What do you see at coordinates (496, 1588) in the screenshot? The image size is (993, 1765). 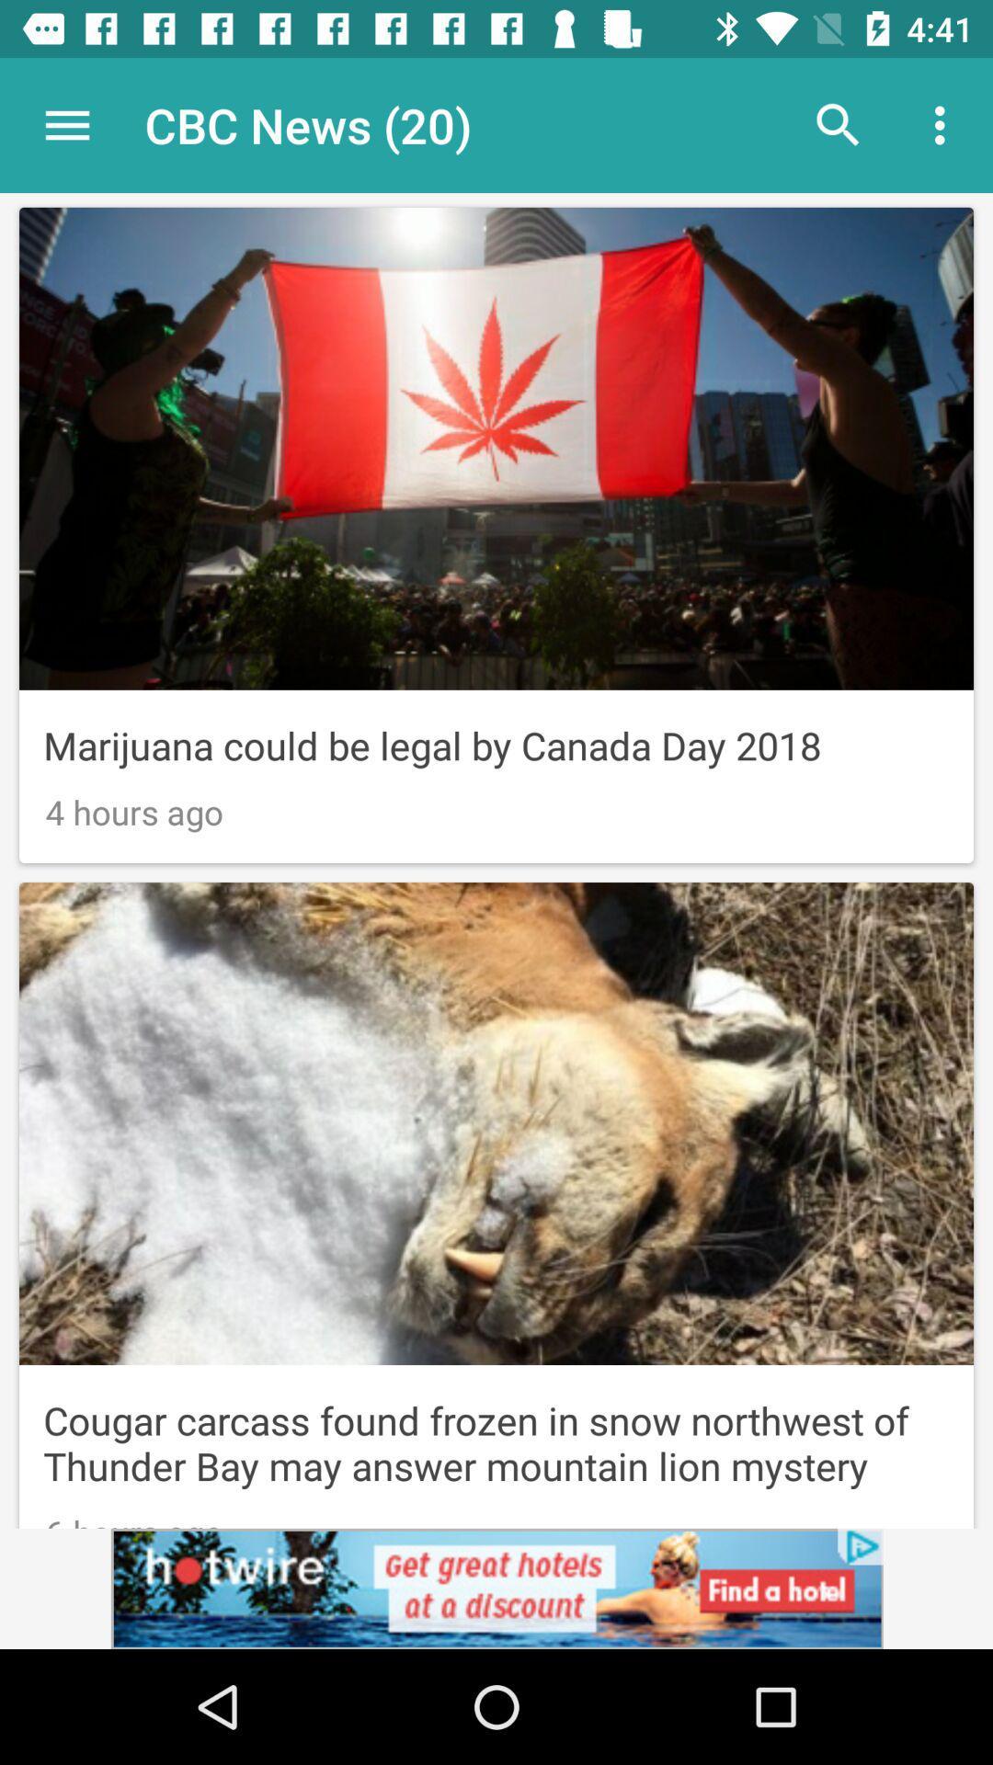 I see `click the advertisement` at bounding box center [496, 1588].